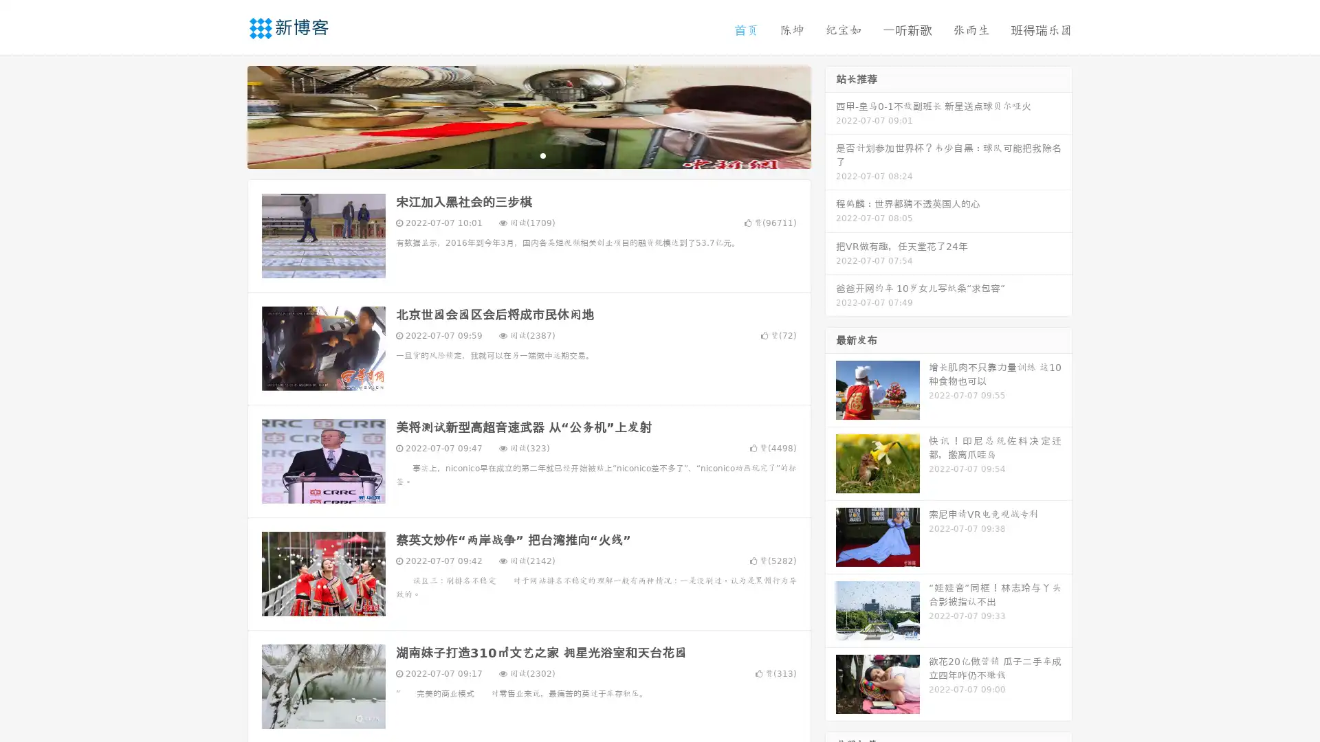 This screenshot has height=742, width=1320. I want to click on Go to slide 3, so click(542, 155).